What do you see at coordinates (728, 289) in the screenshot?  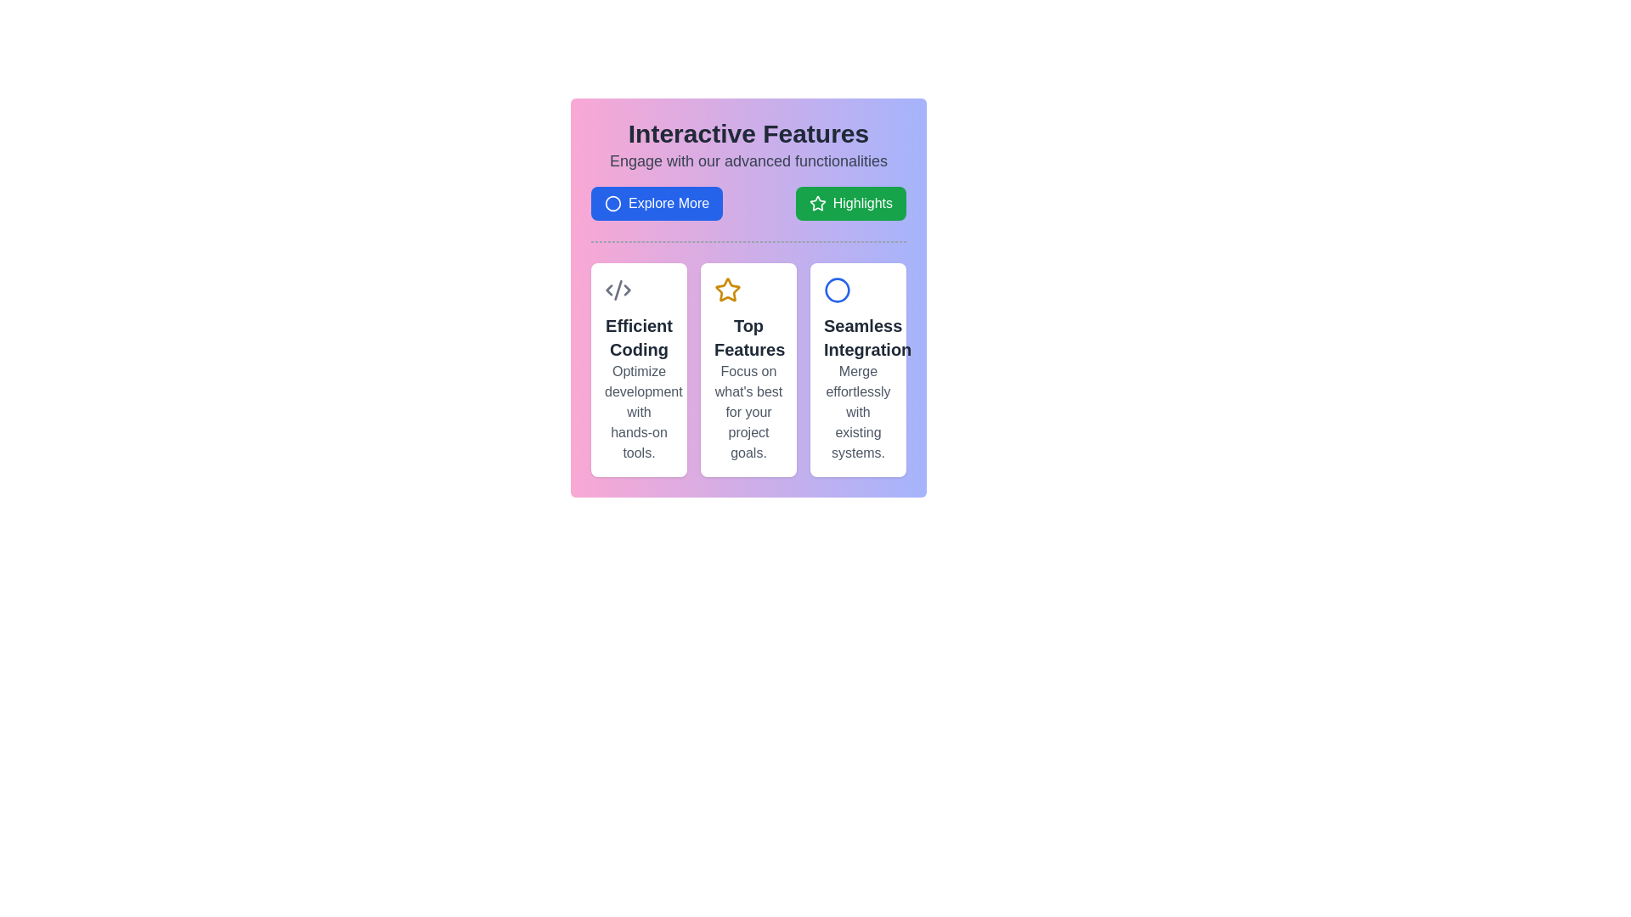 I see `the 'Top Features' icon located within the 'Top Features' card, positioned between 'Efficient Coding' and 'Seamless Integration'` at bounding box center [728, 289].